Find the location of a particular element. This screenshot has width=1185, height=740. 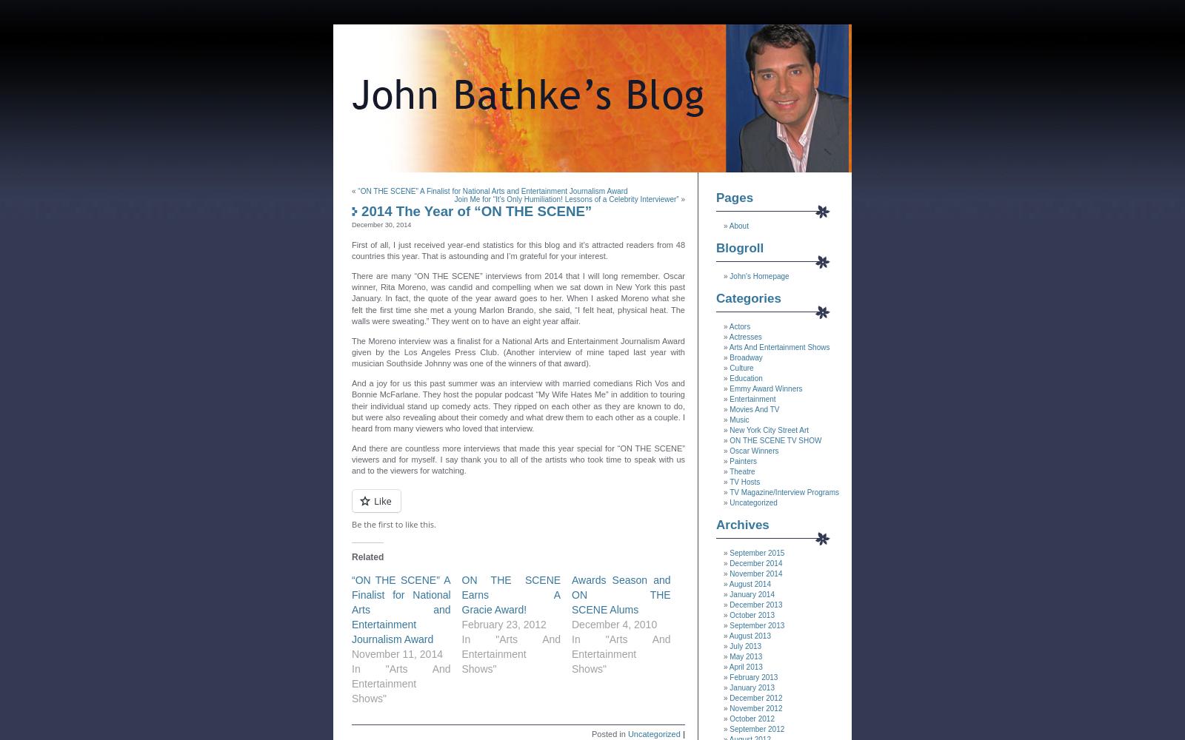

'John's Homepage' is located at coordinates (758, 275).